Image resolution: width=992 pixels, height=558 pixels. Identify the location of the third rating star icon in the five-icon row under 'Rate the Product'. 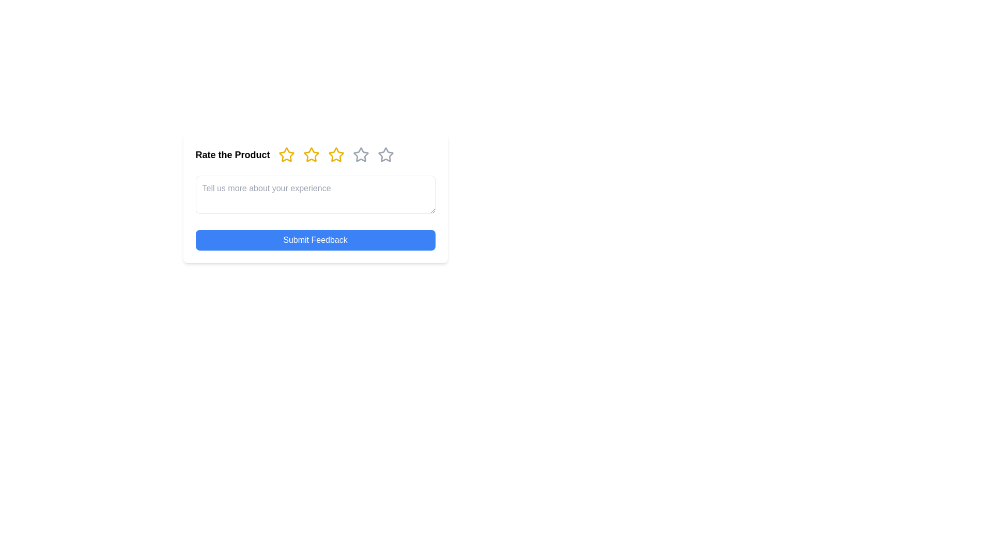
(311, 155).